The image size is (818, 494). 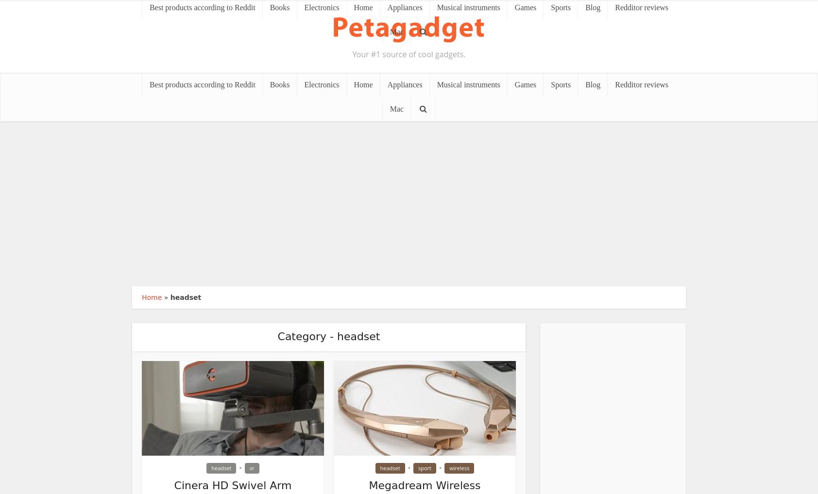 What do you see at coordinates (248, 467) in the screenshot?
I see `'vr'` at bounding box center [248, 467].